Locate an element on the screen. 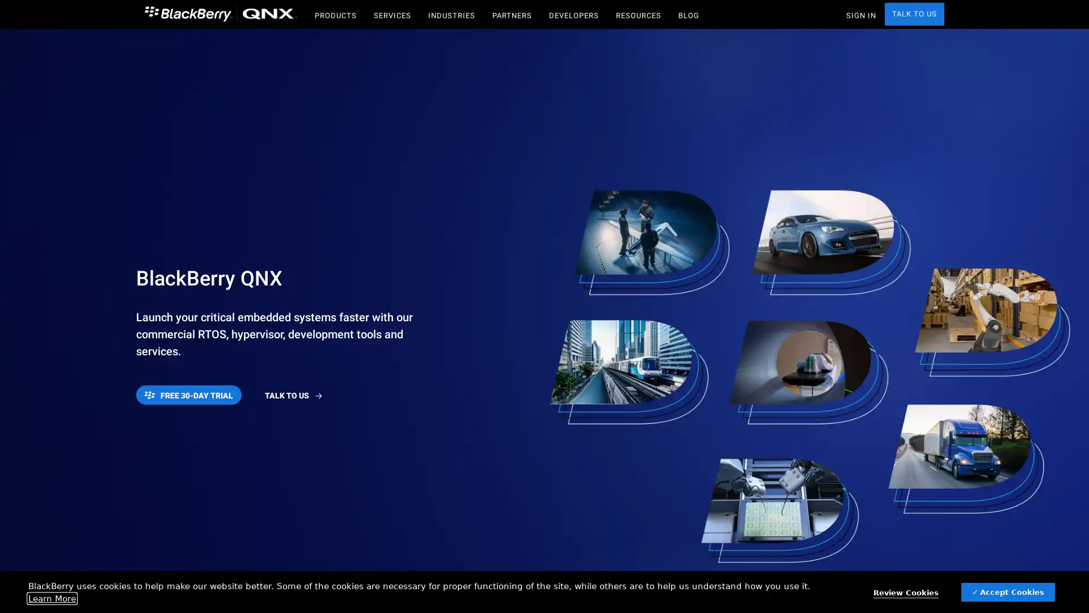 The width and height of the screenshot is (1089, 613). Review Cookies is located at coordinates (905, 593).